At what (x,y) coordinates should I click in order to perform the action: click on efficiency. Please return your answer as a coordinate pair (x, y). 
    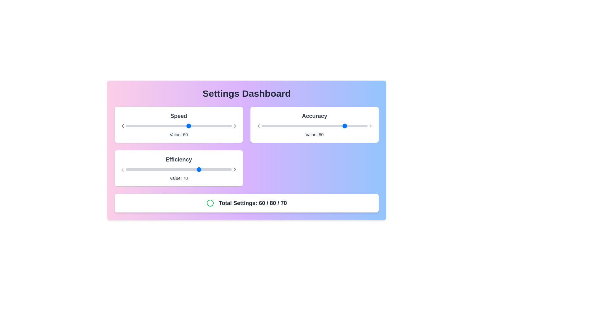
    Looking at the image, I should click on (167, 169).